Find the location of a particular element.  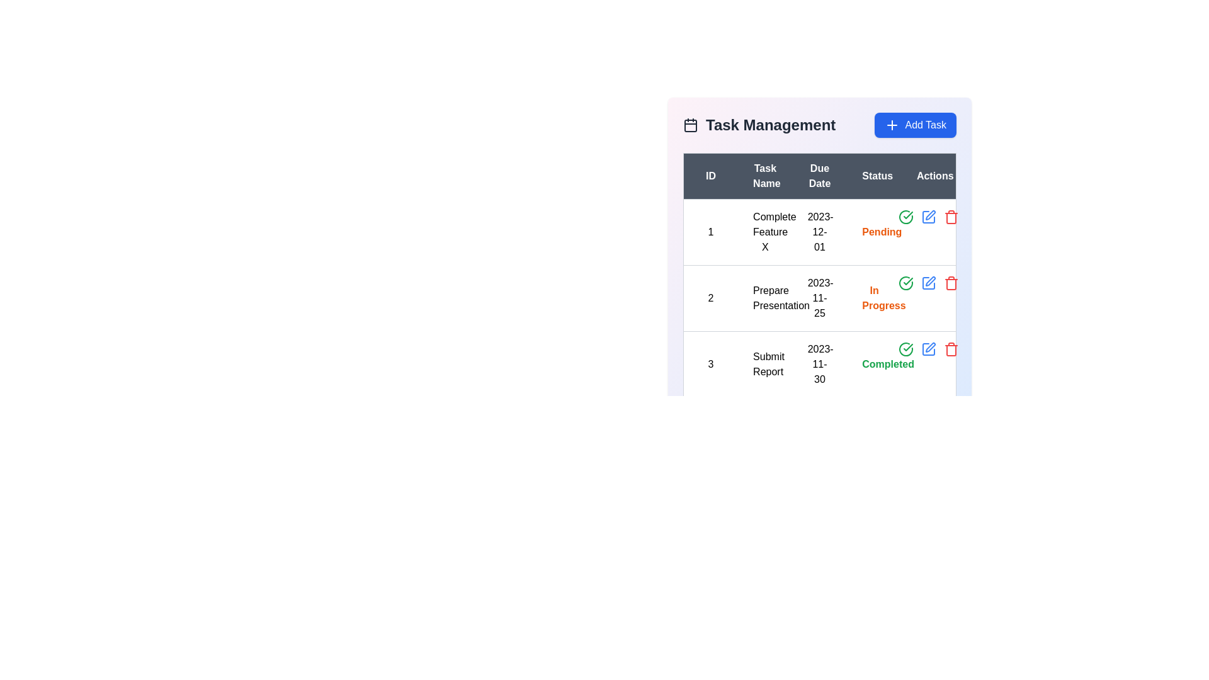

the static text element displaying '2' in the first column of the second row of the table, under the 'ID' header is located at coordinates (710, 298).